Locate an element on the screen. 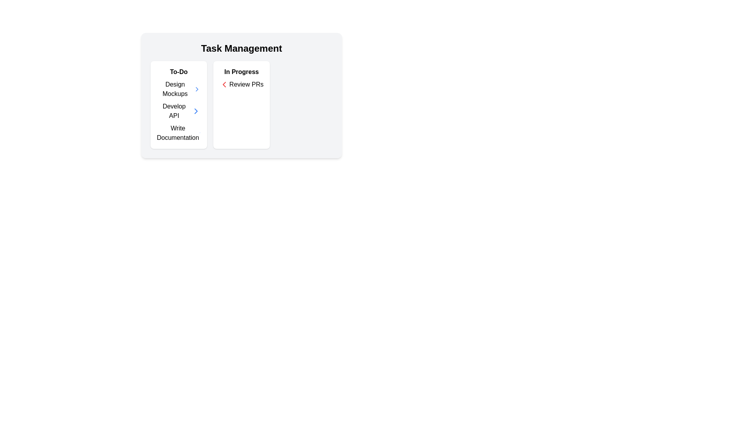 The image size is (753, 423). listed tasks within the 'In Progress' card section, which is the middle section of the task management interface is located at coordinates (241, 104).